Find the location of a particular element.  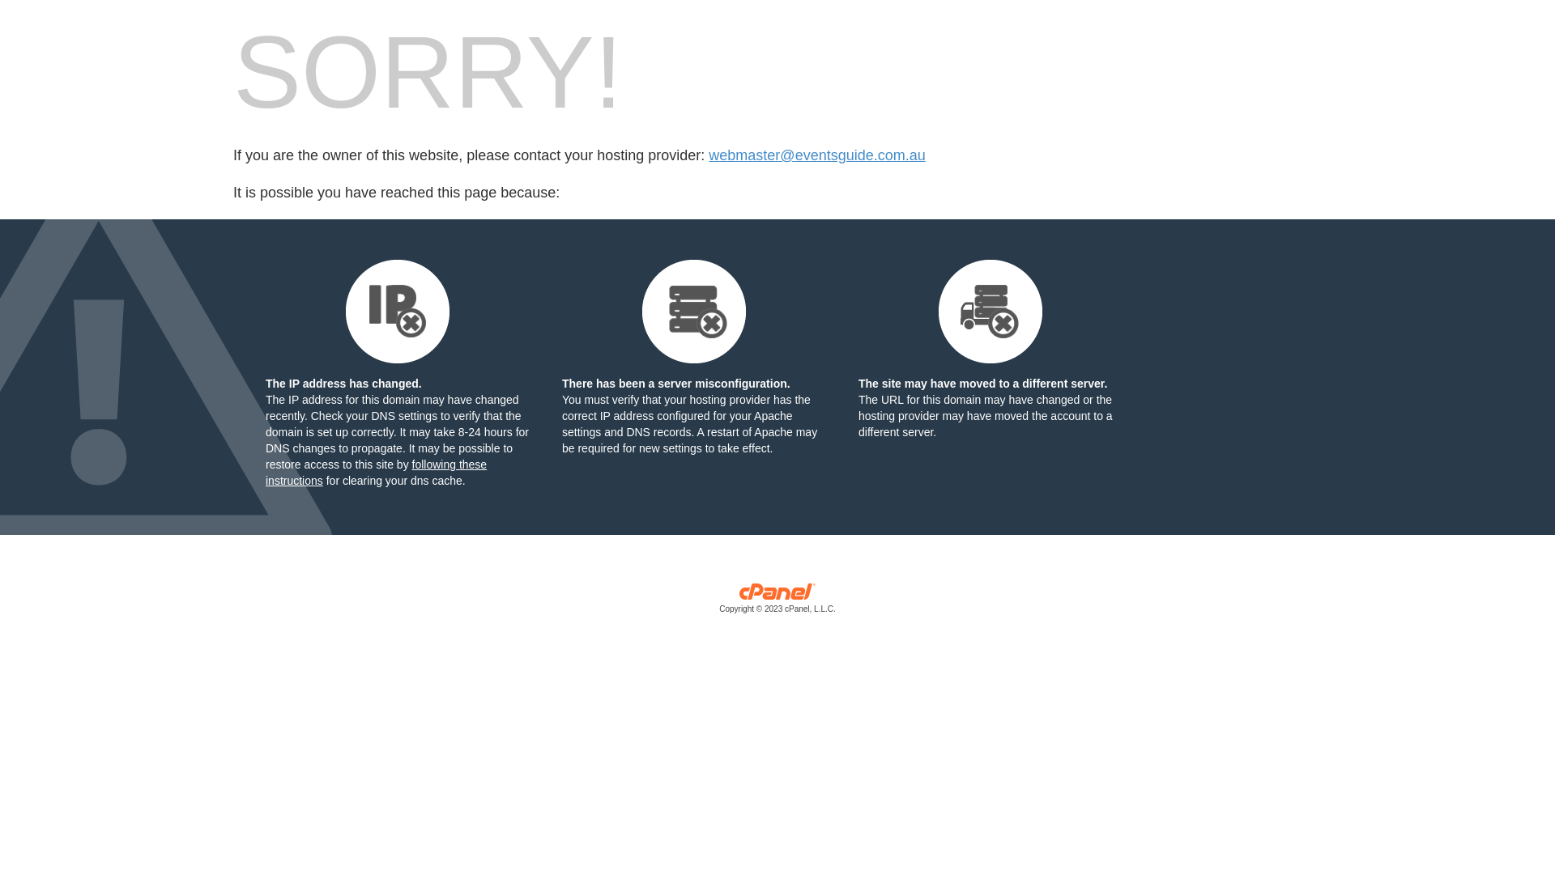

'webmaster@eventsguide.com.au' is located at coordinates (816, 155).